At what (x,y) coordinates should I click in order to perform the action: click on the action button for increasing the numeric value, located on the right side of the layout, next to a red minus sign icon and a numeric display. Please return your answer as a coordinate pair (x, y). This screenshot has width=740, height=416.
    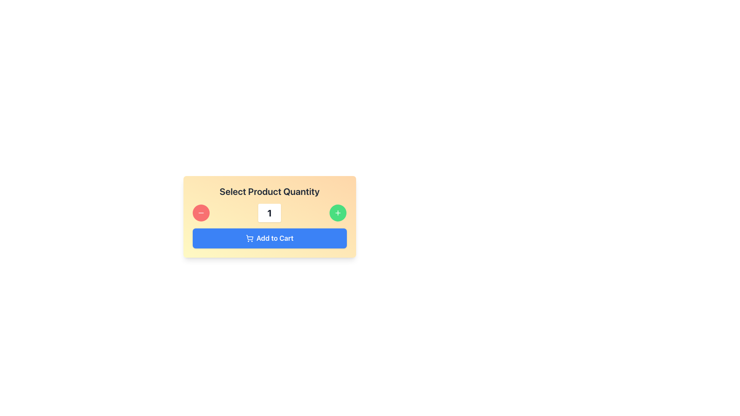
    Looking at the image, I should click on (338, 213).